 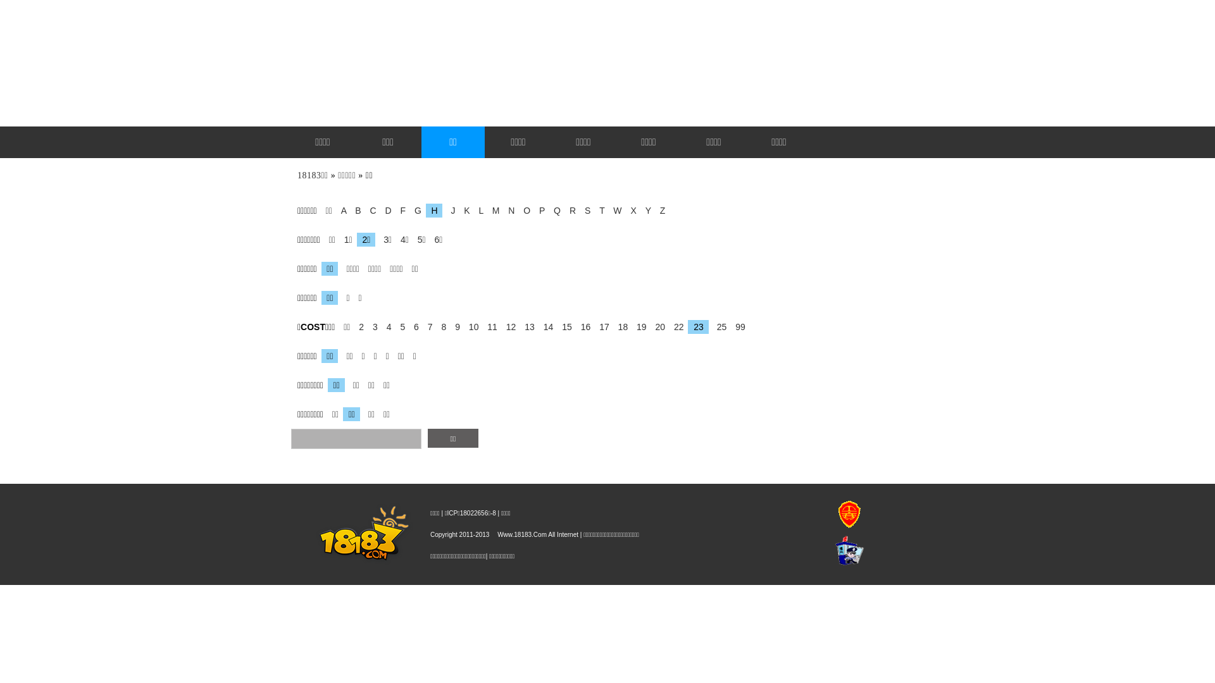 What do you see at coordinates (614, 209) in the screenshot?
I see `'W'` at bounding box center [614, 209].